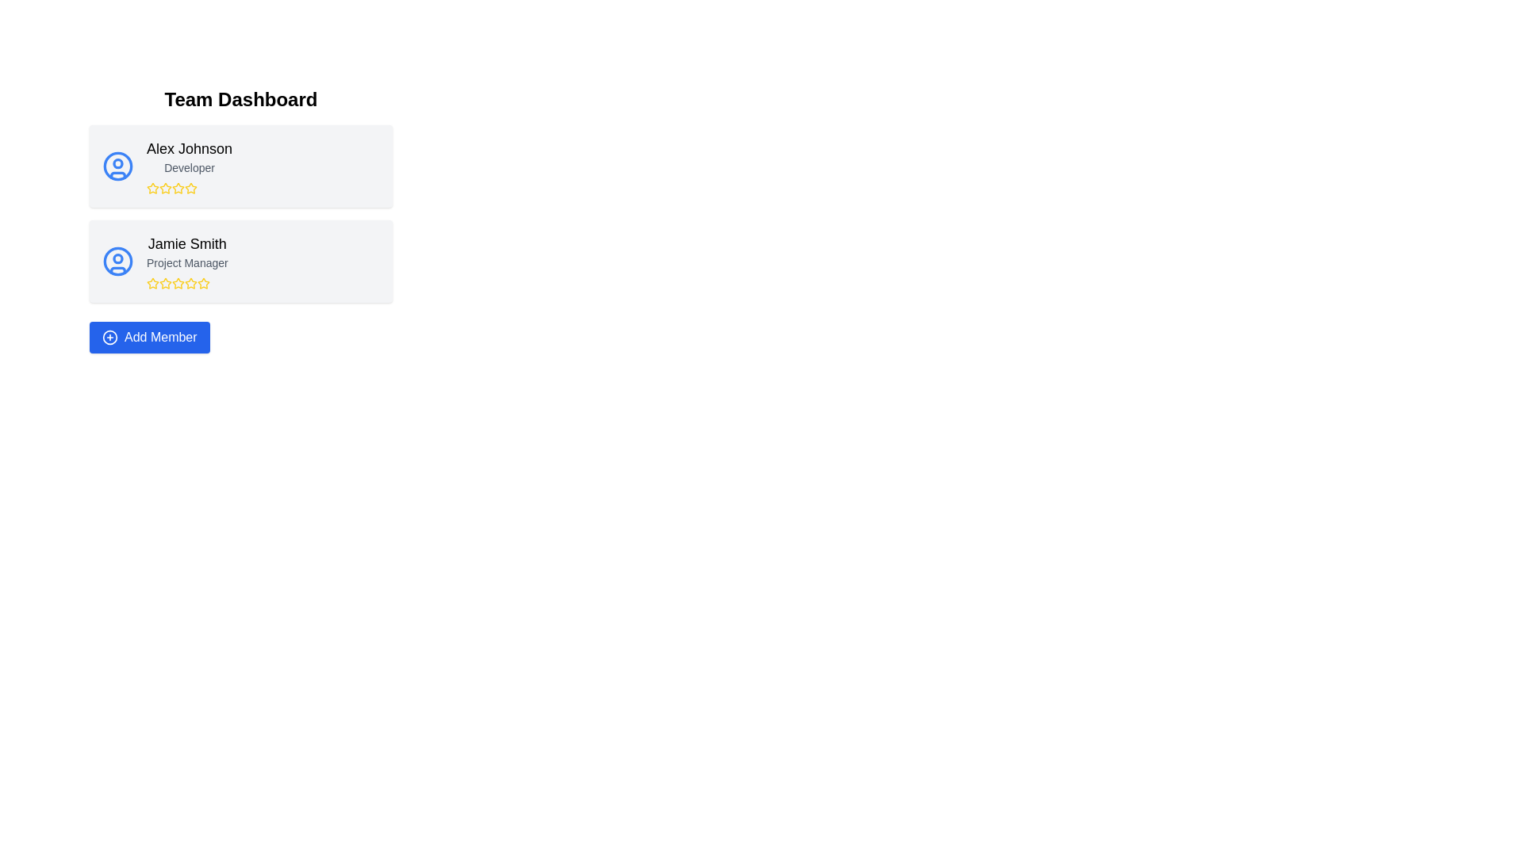 The image size is (1523, 856). I want to click on the label displaying 'Jamie Smith' and 'Project Manager', which is centrally located within the second card of the team dashboard, above the 'Add Member' button, so click(187, 261).